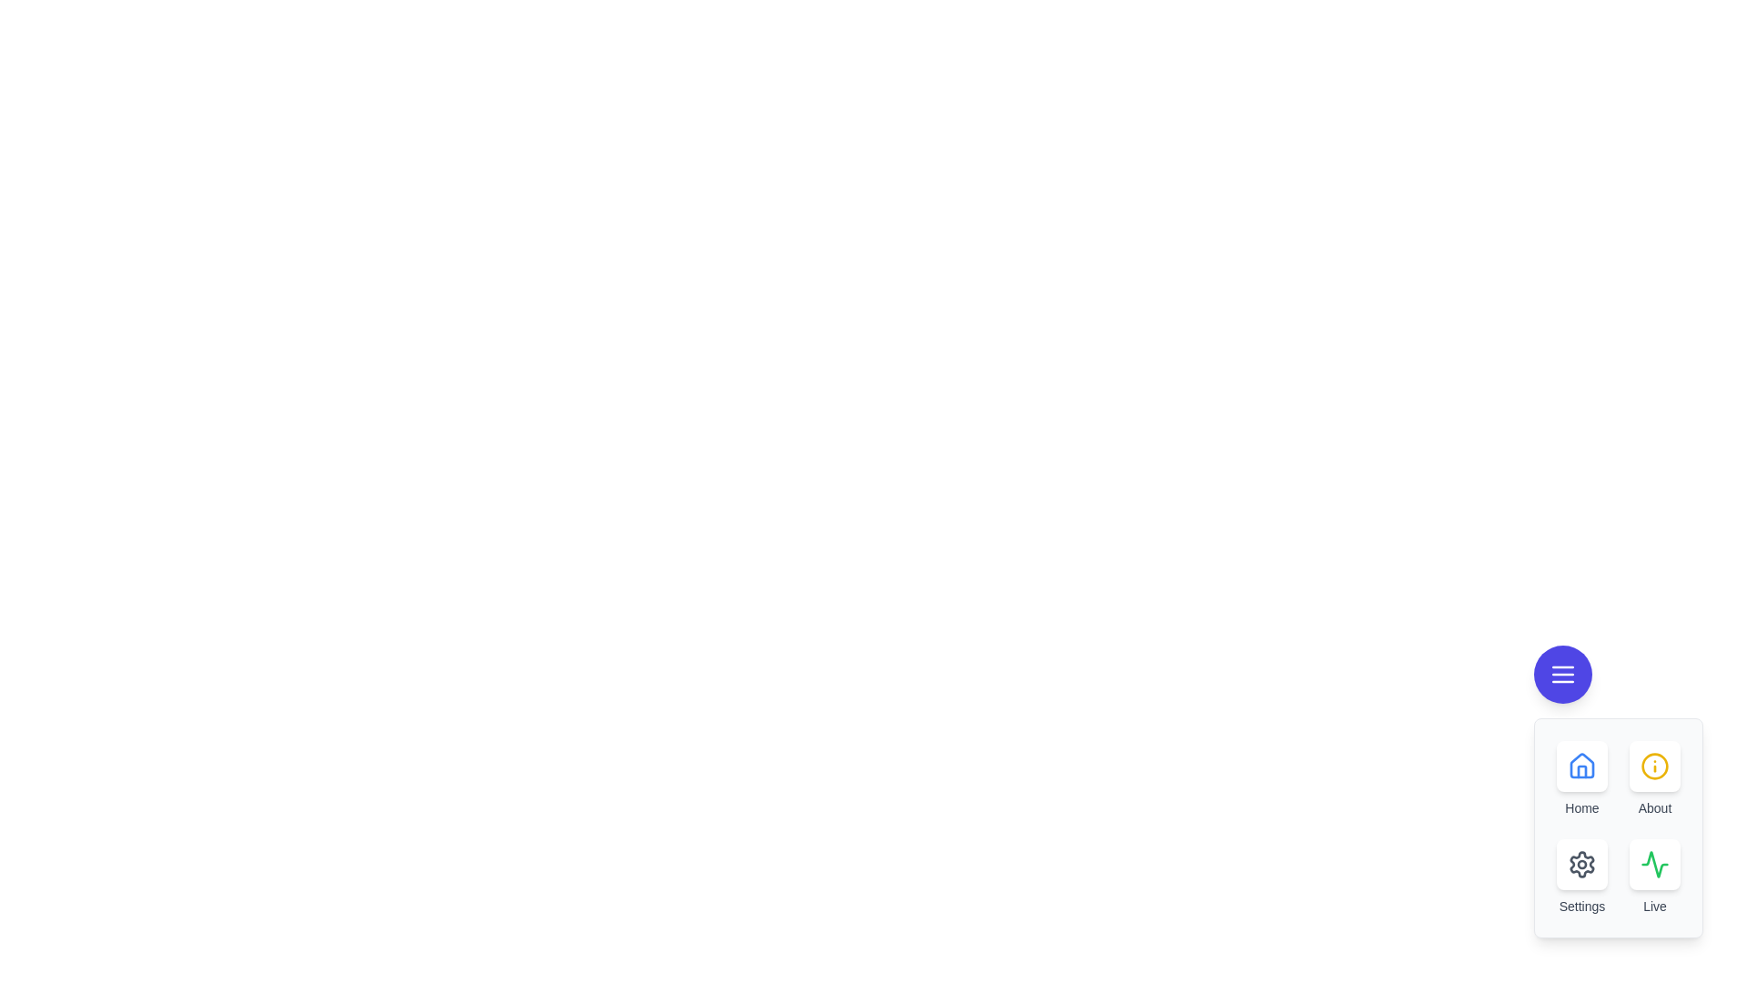  What do you see at coordinates (1562, 674) in the screenshot?
I see `main SpeedDial button to toggle the menu` at bounding box center [1562, 674].